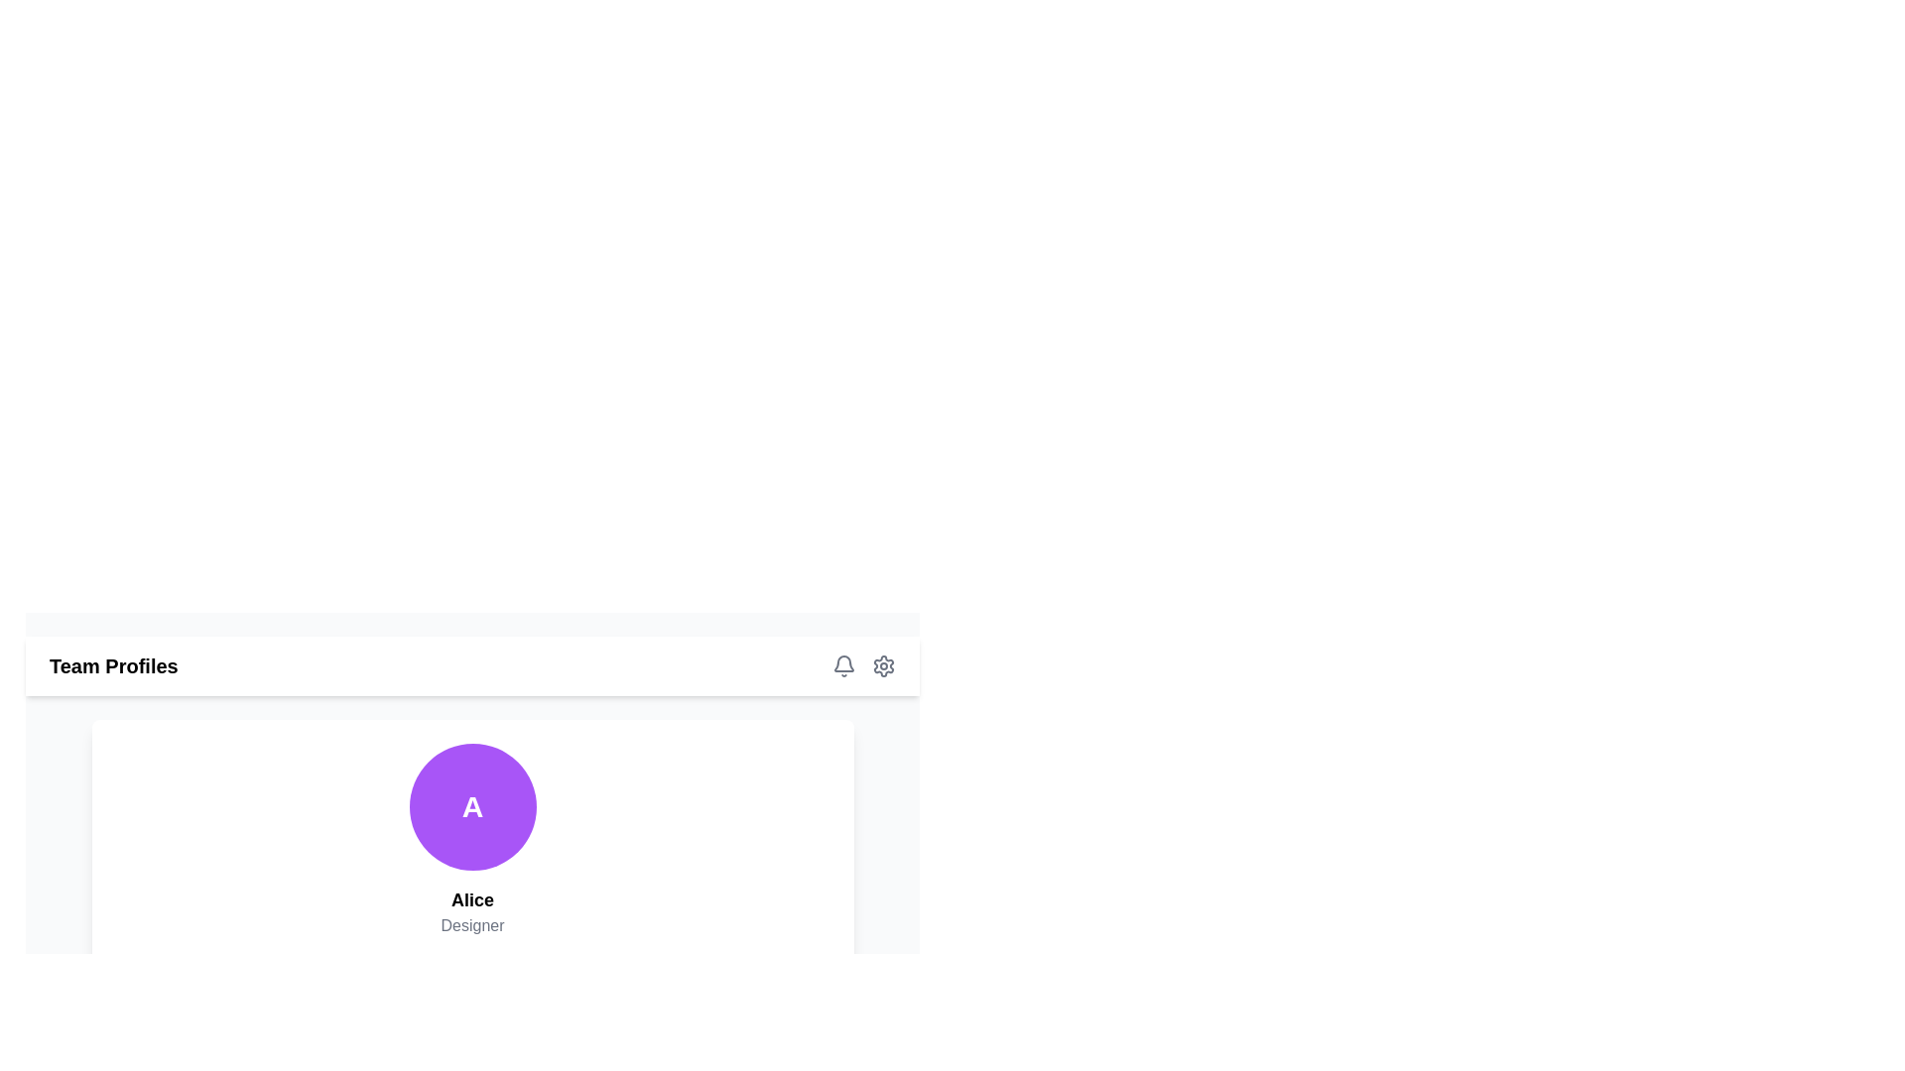 The width and height of the screenshot is (1905, 1071). Describe the element at coordinates (471, 806) in the screenshot. I see `the Avatar or Profile Icon, which is a circular element with a purple background and a white letter 'A' centered inside, positioned above the text 'Alice' and 'Designer'` at that location.